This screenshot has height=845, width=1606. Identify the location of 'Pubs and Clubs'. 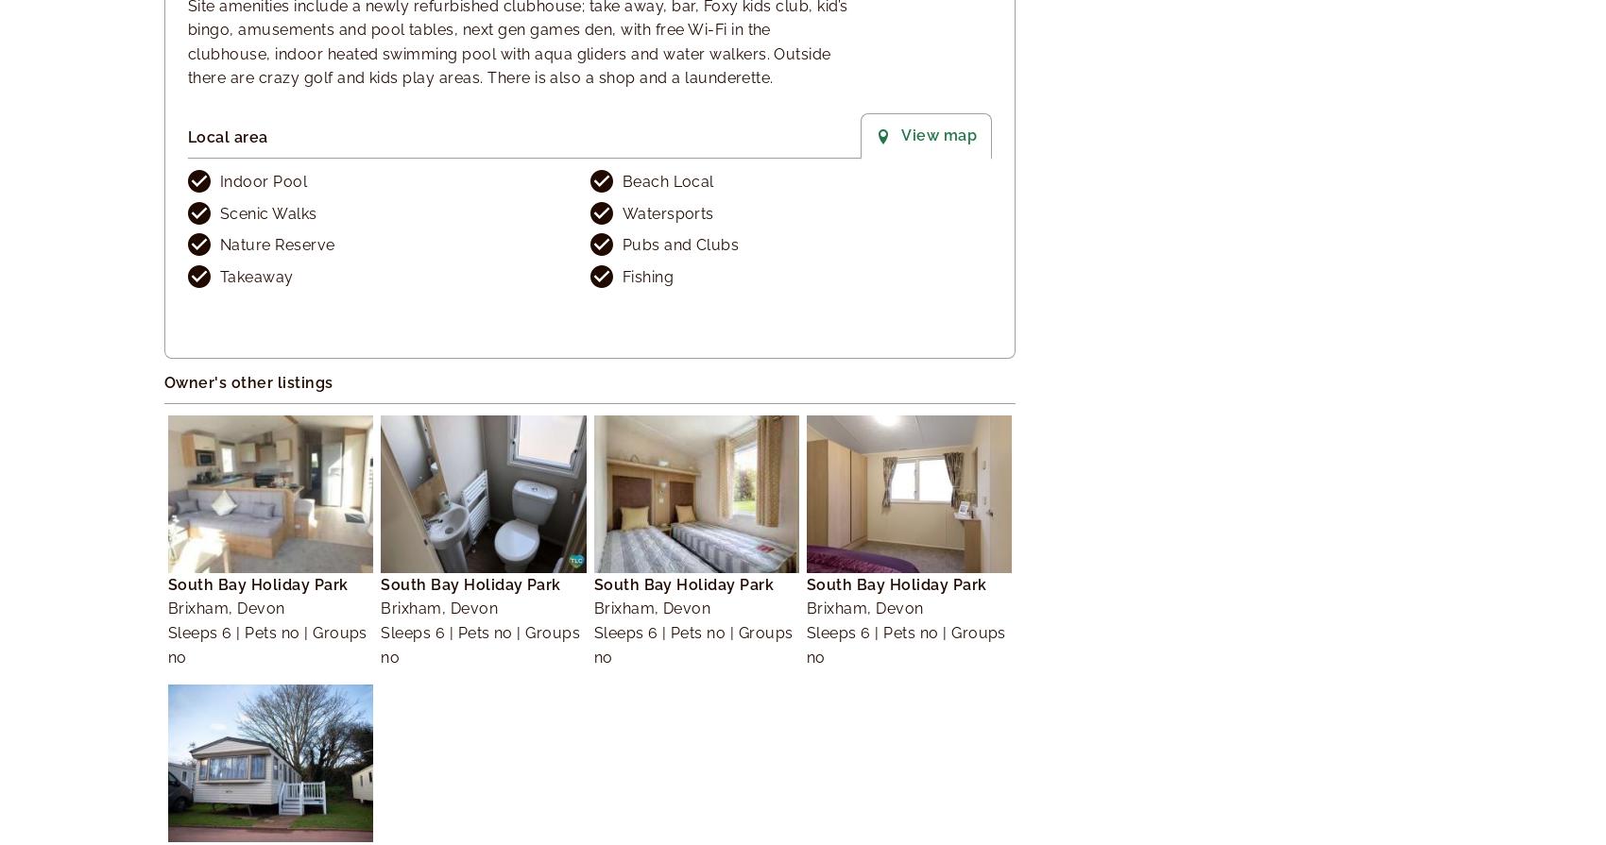
(679, 245).